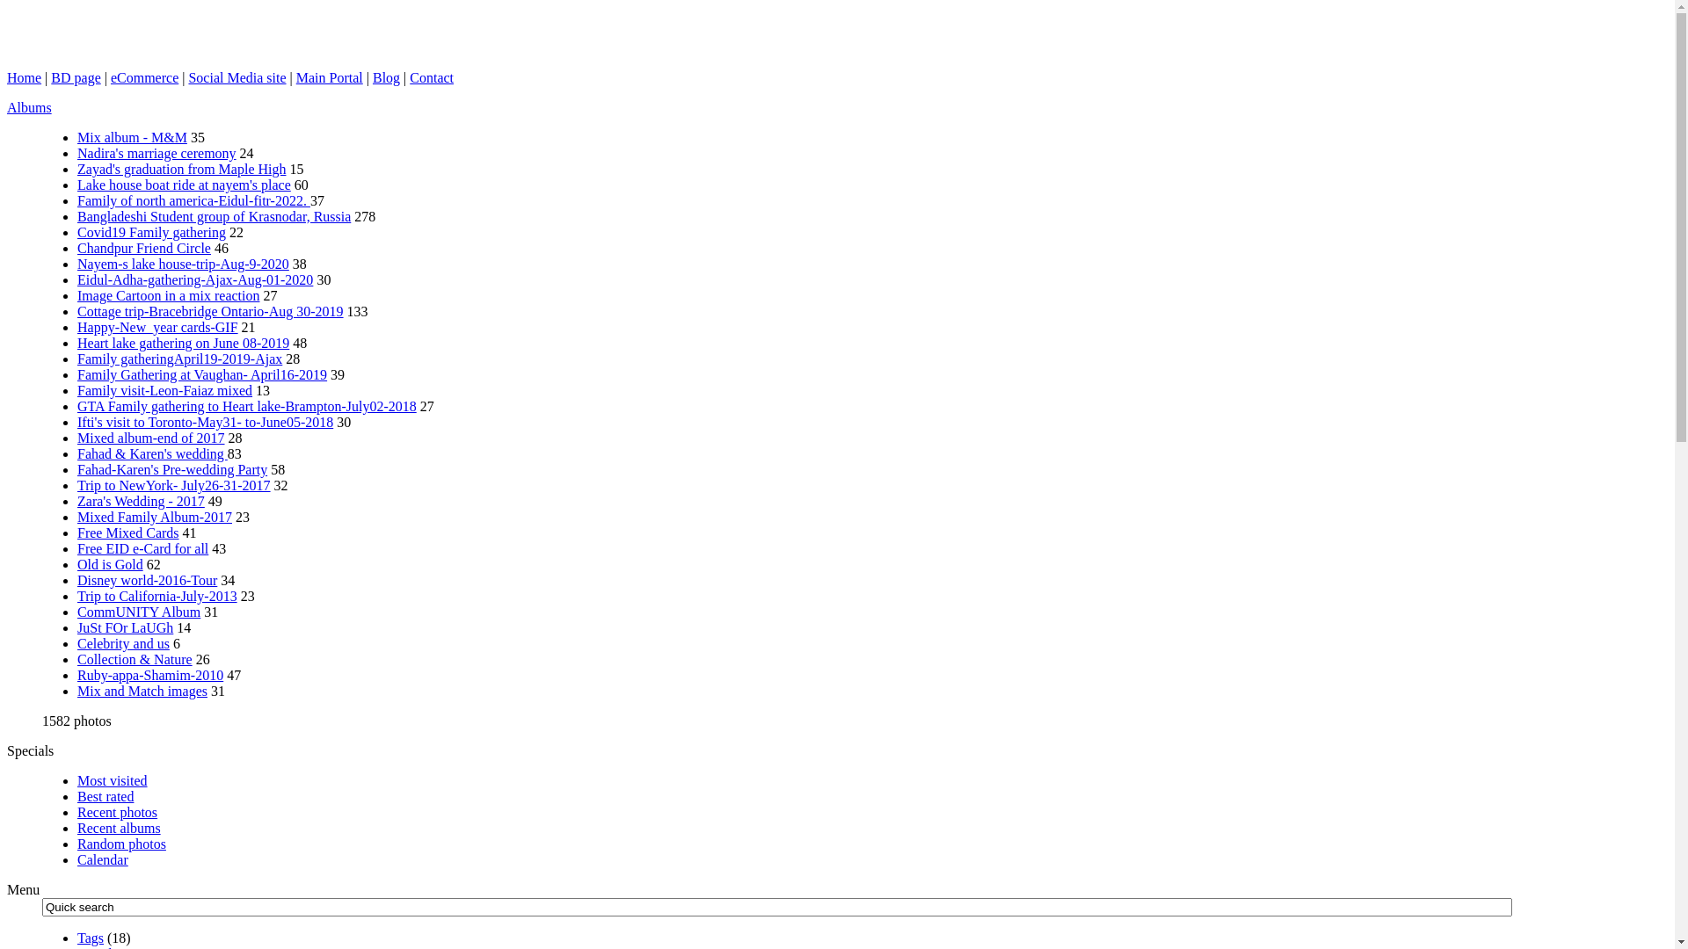 The width and height of the screenshot is (1688, 949). What do you see at coordinates (172, 468) in the screenshot?
I see `'Fahad-Karen's Pre-wedding Party'` at bounding box center [172, 468].